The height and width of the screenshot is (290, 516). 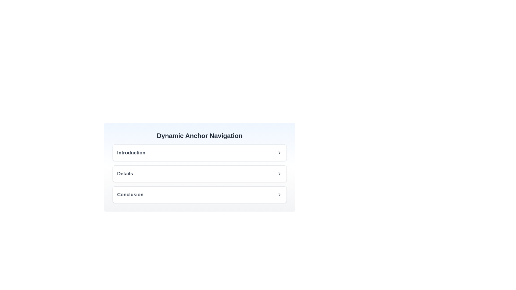 I want to click on the rightward-pointing arrow icon located within the SVG element at the topmost section of the navigation list, aligned to the right-hand side of the item labeled 'Introduction.', so click(x=279, y=153).